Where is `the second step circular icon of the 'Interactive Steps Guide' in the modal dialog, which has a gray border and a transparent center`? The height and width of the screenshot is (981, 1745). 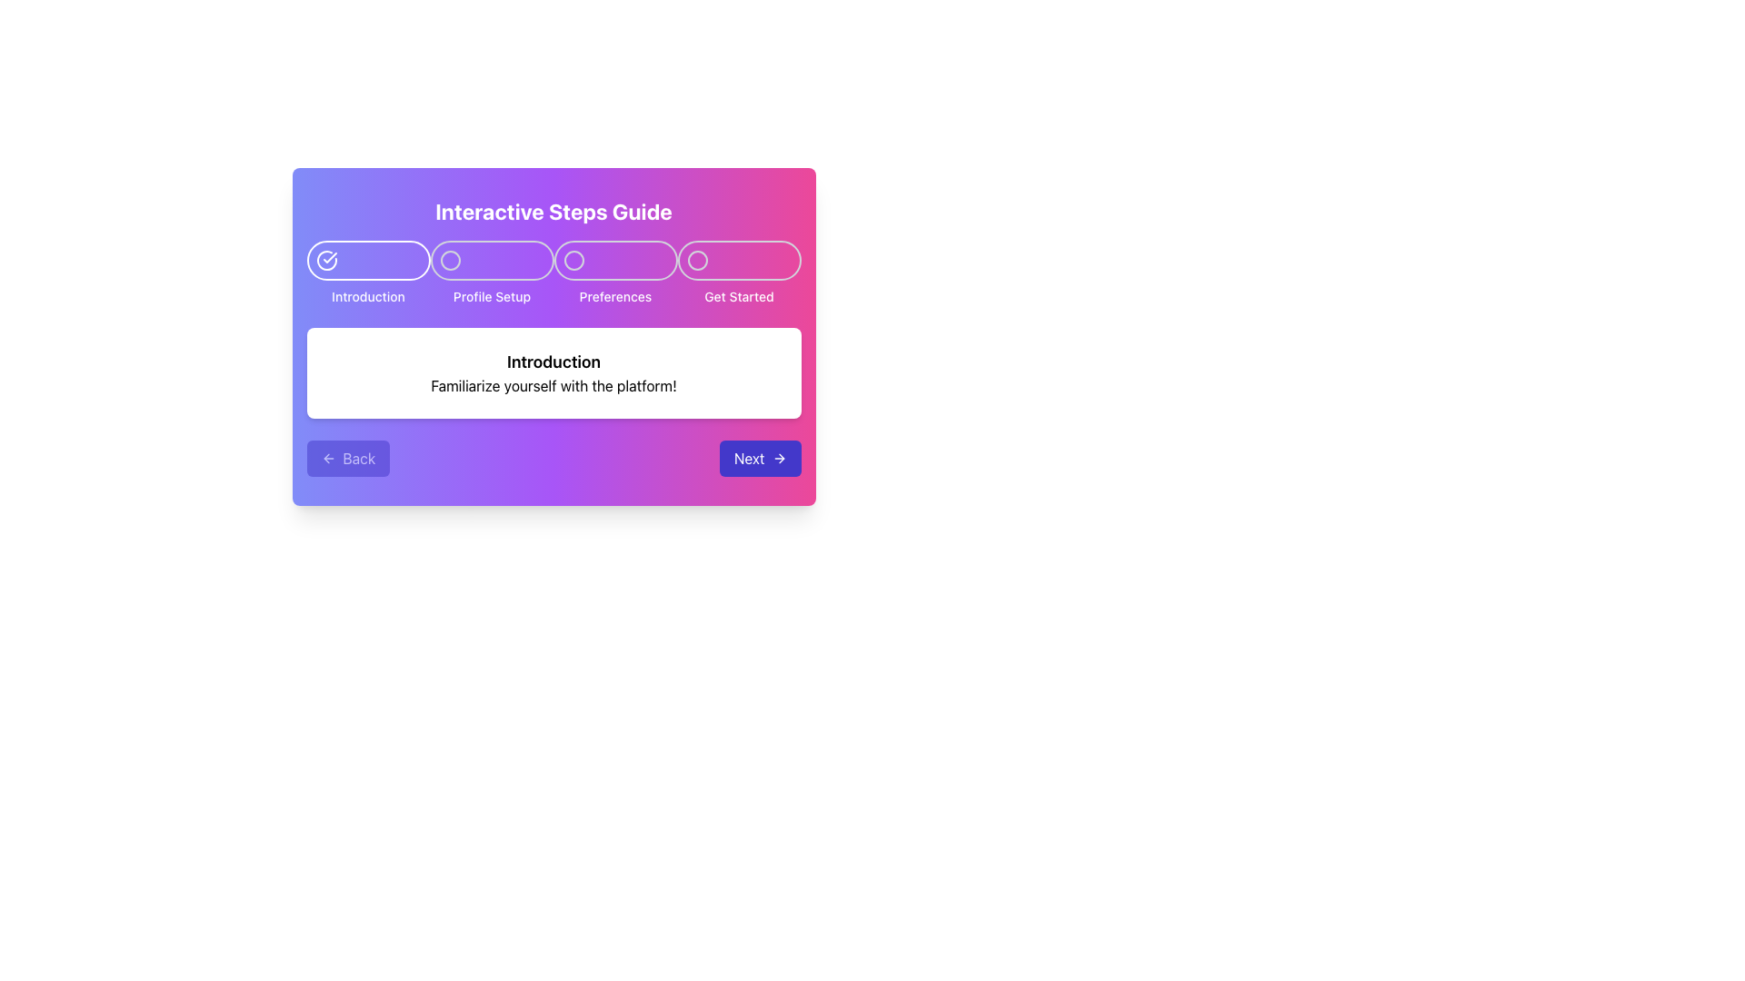 the second step circular icon of the 'Interactive Steps Guide' in the modal dialog, which has a gray border and a transparent center is located at coordinates (450, 260).